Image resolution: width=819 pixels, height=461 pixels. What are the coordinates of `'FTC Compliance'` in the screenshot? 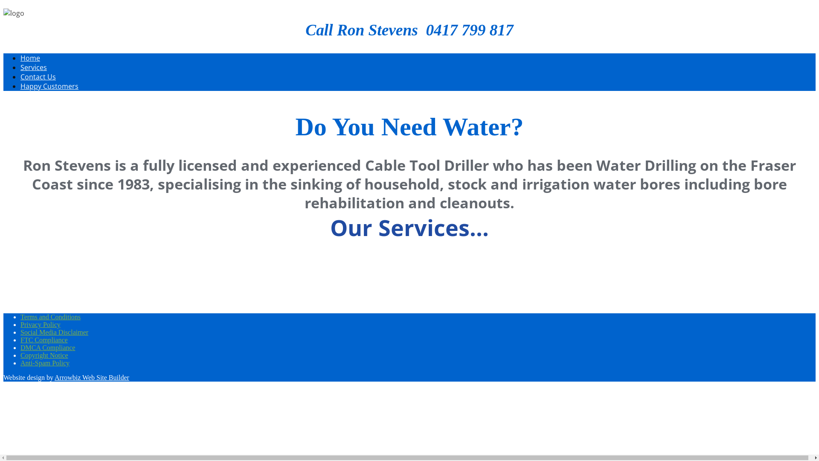 It's located at (44, 339).